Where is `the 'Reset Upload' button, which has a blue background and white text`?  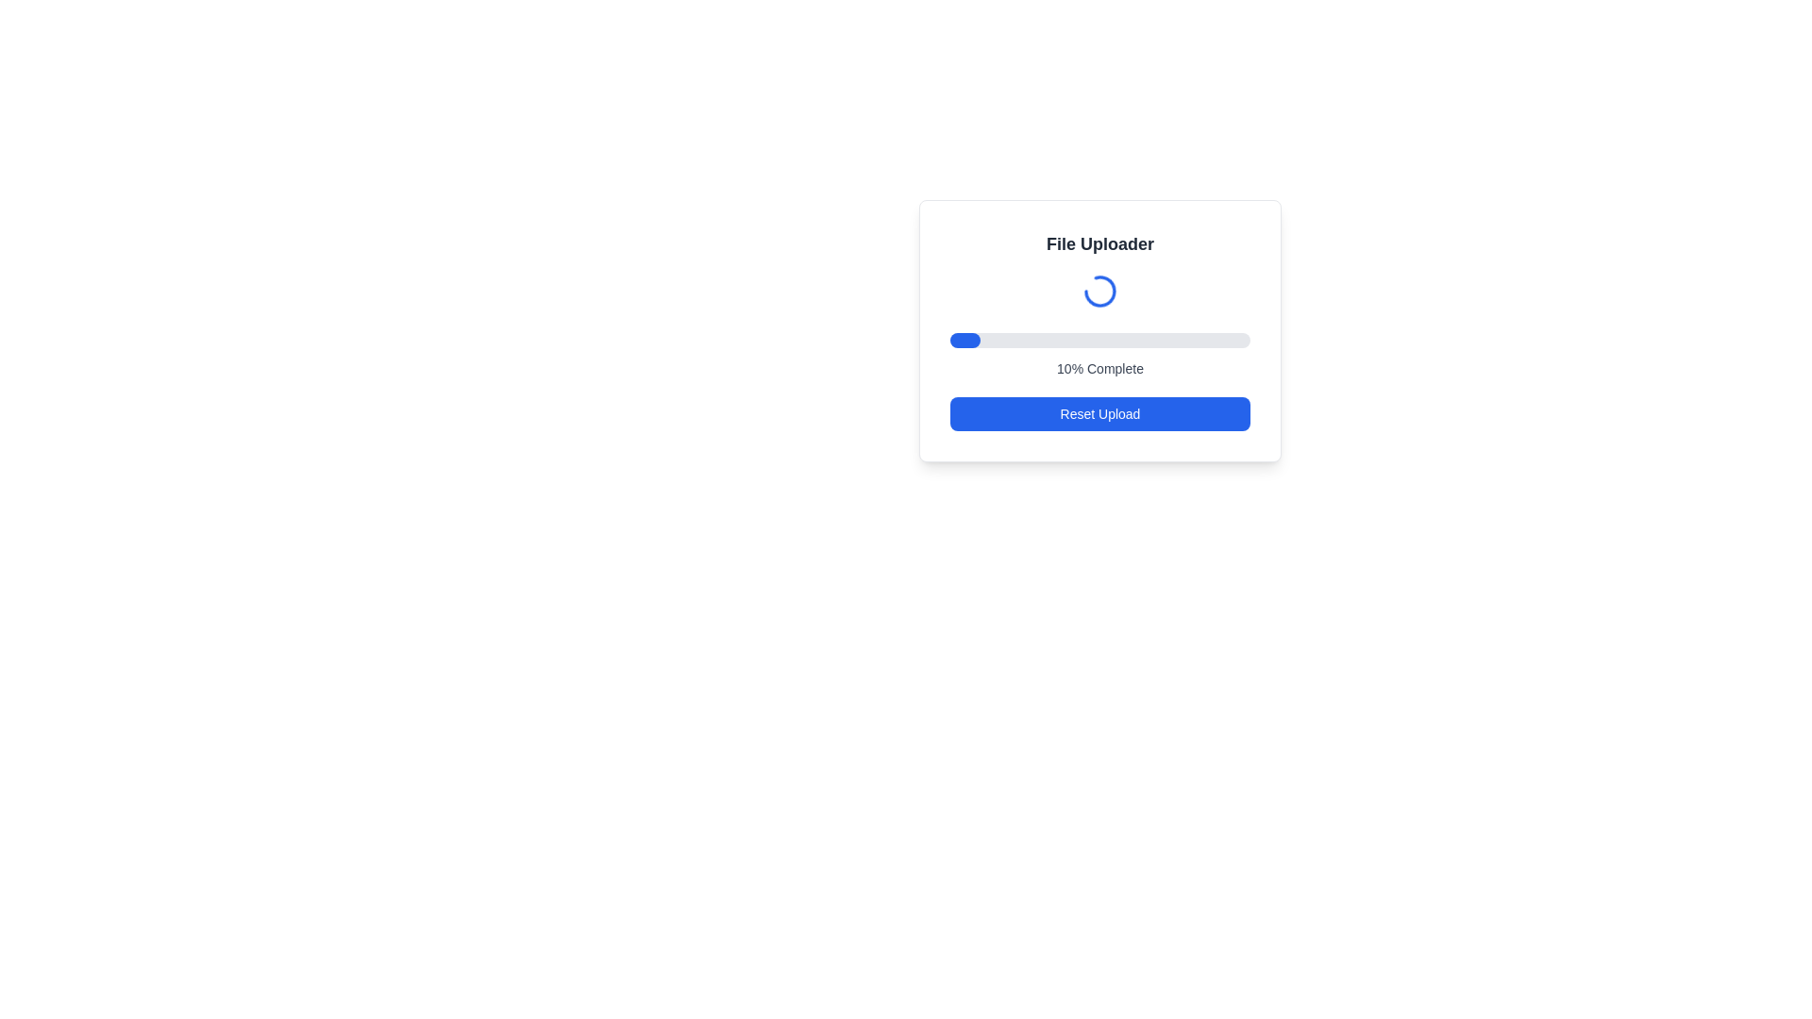 the 'Reset Upload' button, which has a blue background and white text is located at coordinates (1100, 413).